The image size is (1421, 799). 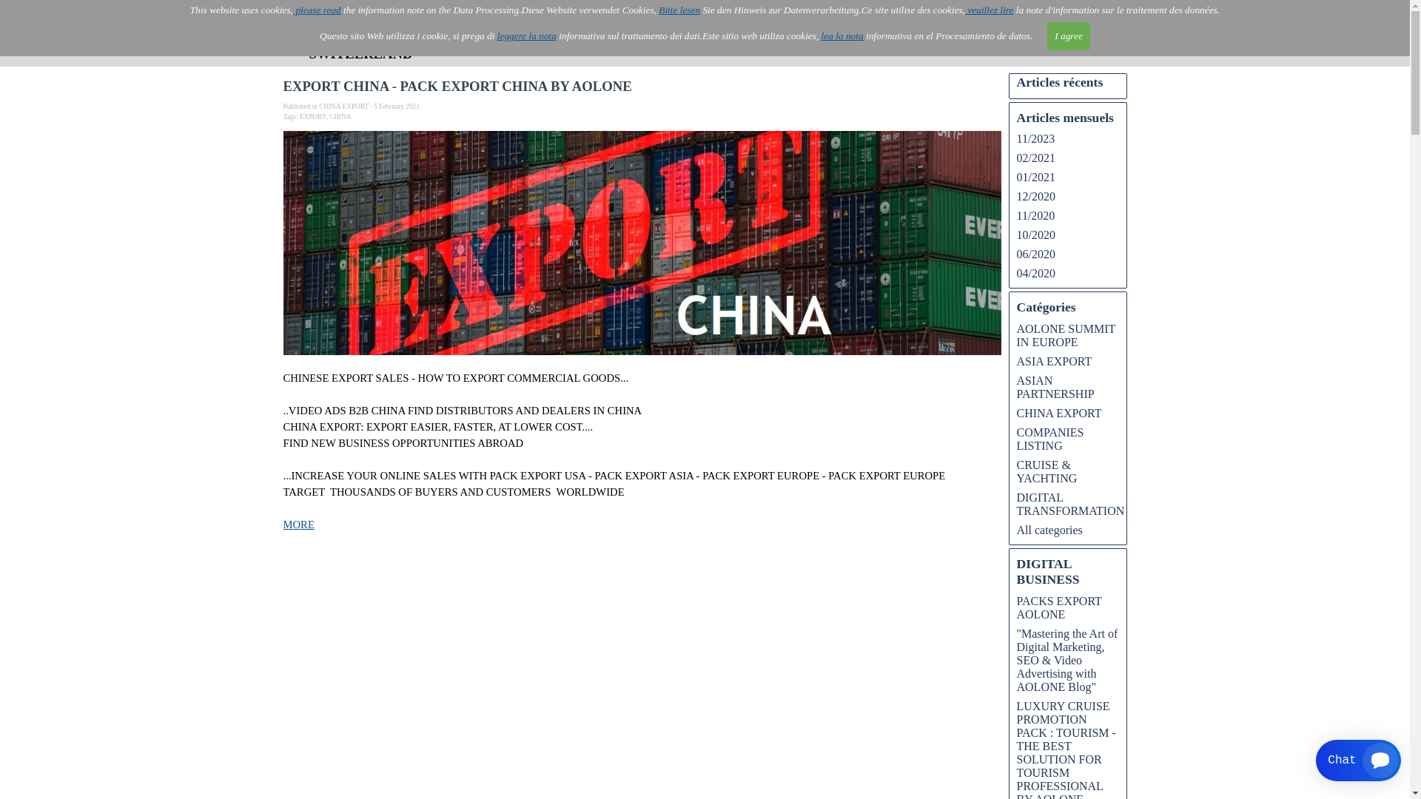 I want to click on 'AOLONE SUMMIT IN EUROPE', so click(x=1066, y=335).